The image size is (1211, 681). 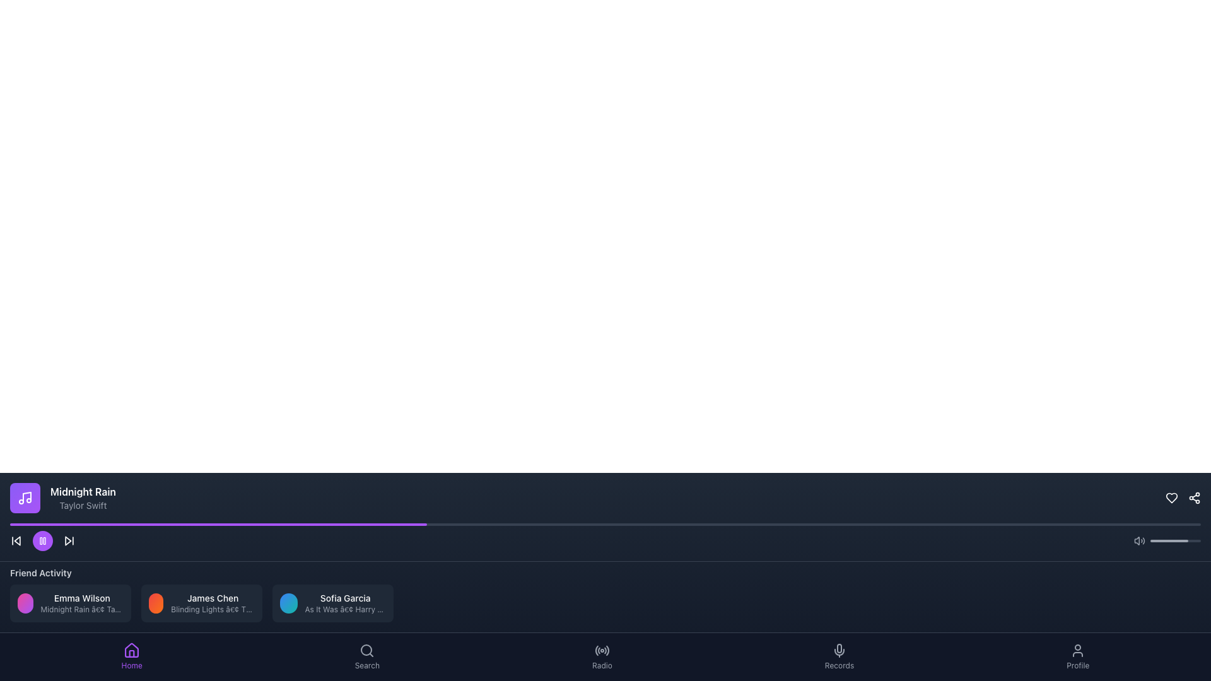 What do you see at coordinates (839, 665) in the screenshot?
I see `the static text label that reads 'Records', which is located in the navigation bar below the microphone icon` at bounding box center [839, 665].